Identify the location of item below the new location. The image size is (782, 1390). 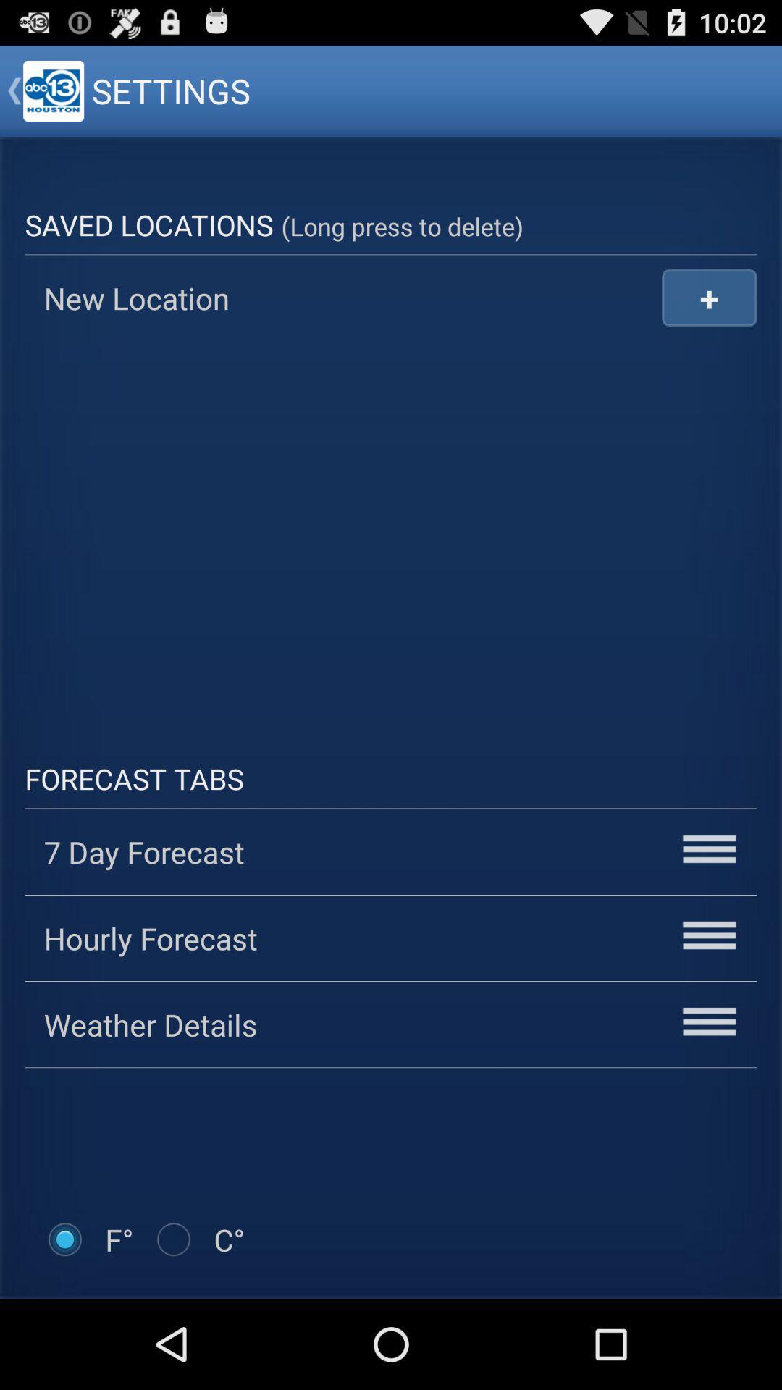
(391, 530).